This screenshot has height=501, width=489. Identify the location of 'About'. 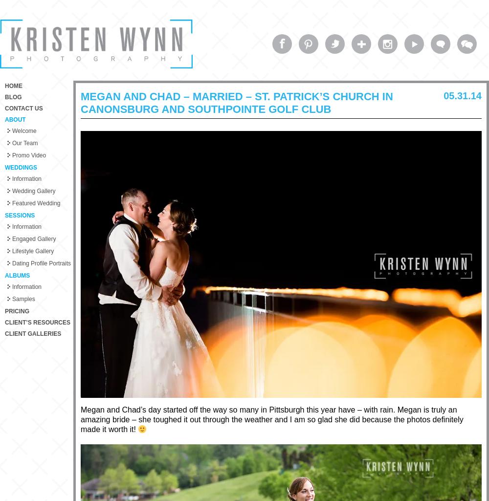
(15, 119).